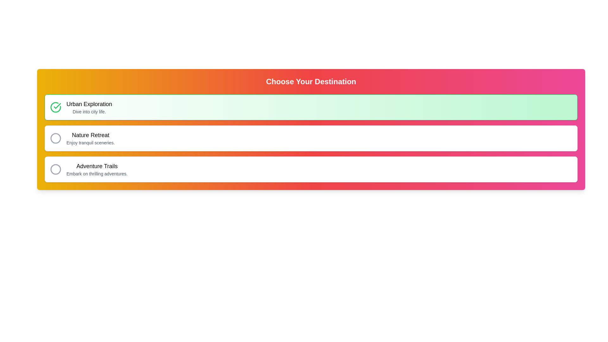 The height and width of the screenshot is (342, 608). I want to click on the 'Adventure Trails' text label, so click(97, 169).